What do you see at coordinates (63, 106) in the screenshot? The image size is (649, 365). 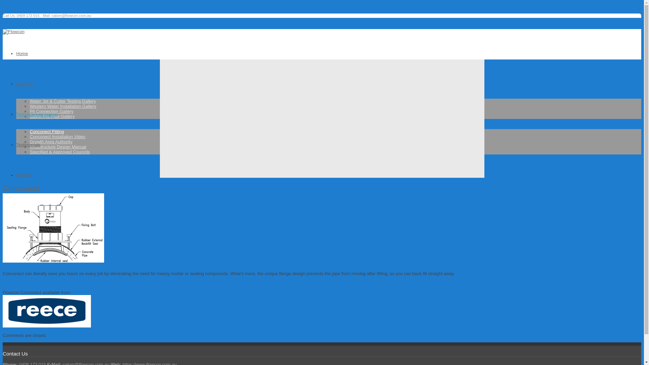 I see `'Western Water Installation Gallery'` at bounding box center [63, 106].